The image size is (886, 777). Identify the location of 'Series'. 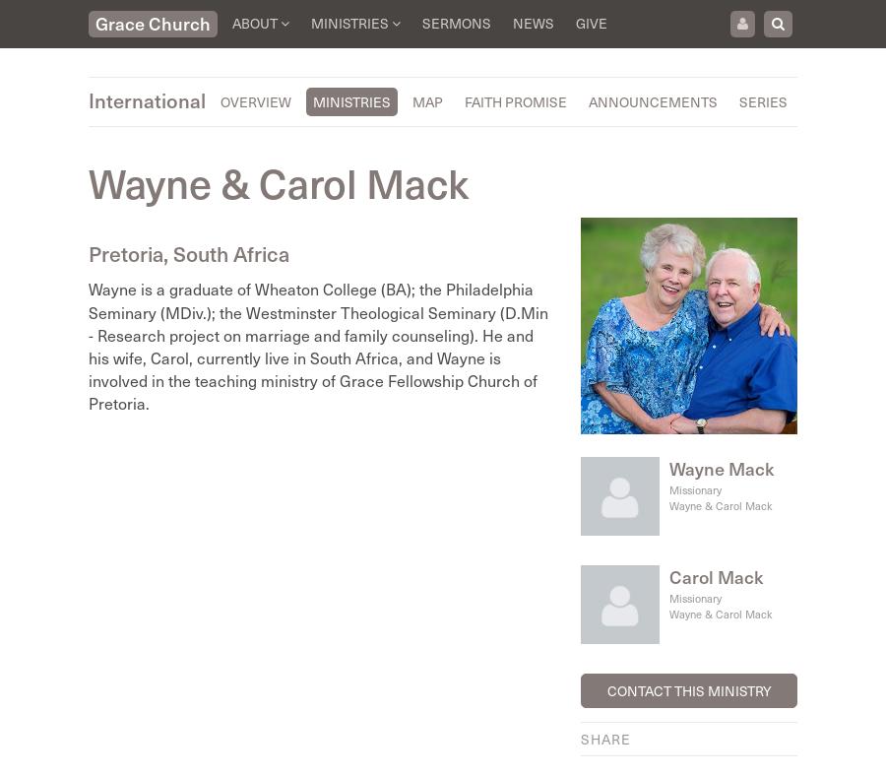
(737, 101).